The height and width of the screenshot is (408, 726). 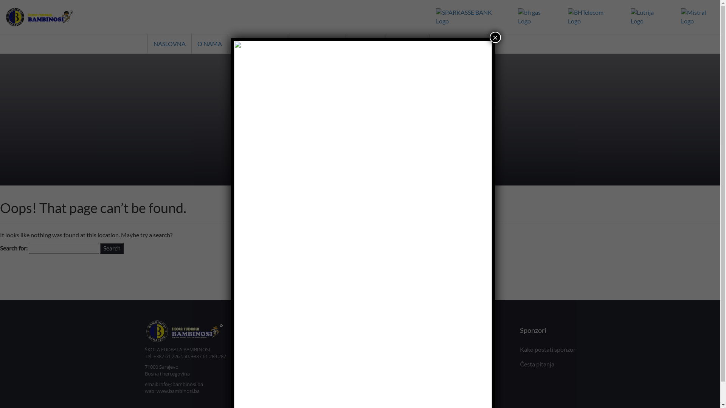 I want to click on 'Search', so click(x=112, y=248).